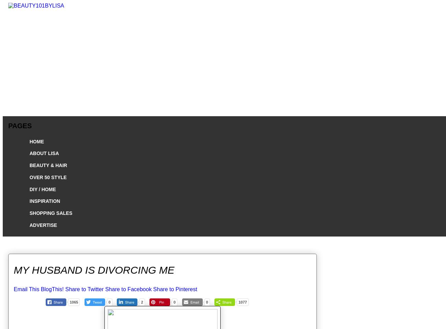 The image size is (446, 329). What do you see at coordinates (44, 153) in the screenshot?
I see `'ABOUT LISA'` at bounding box center [44, 153].